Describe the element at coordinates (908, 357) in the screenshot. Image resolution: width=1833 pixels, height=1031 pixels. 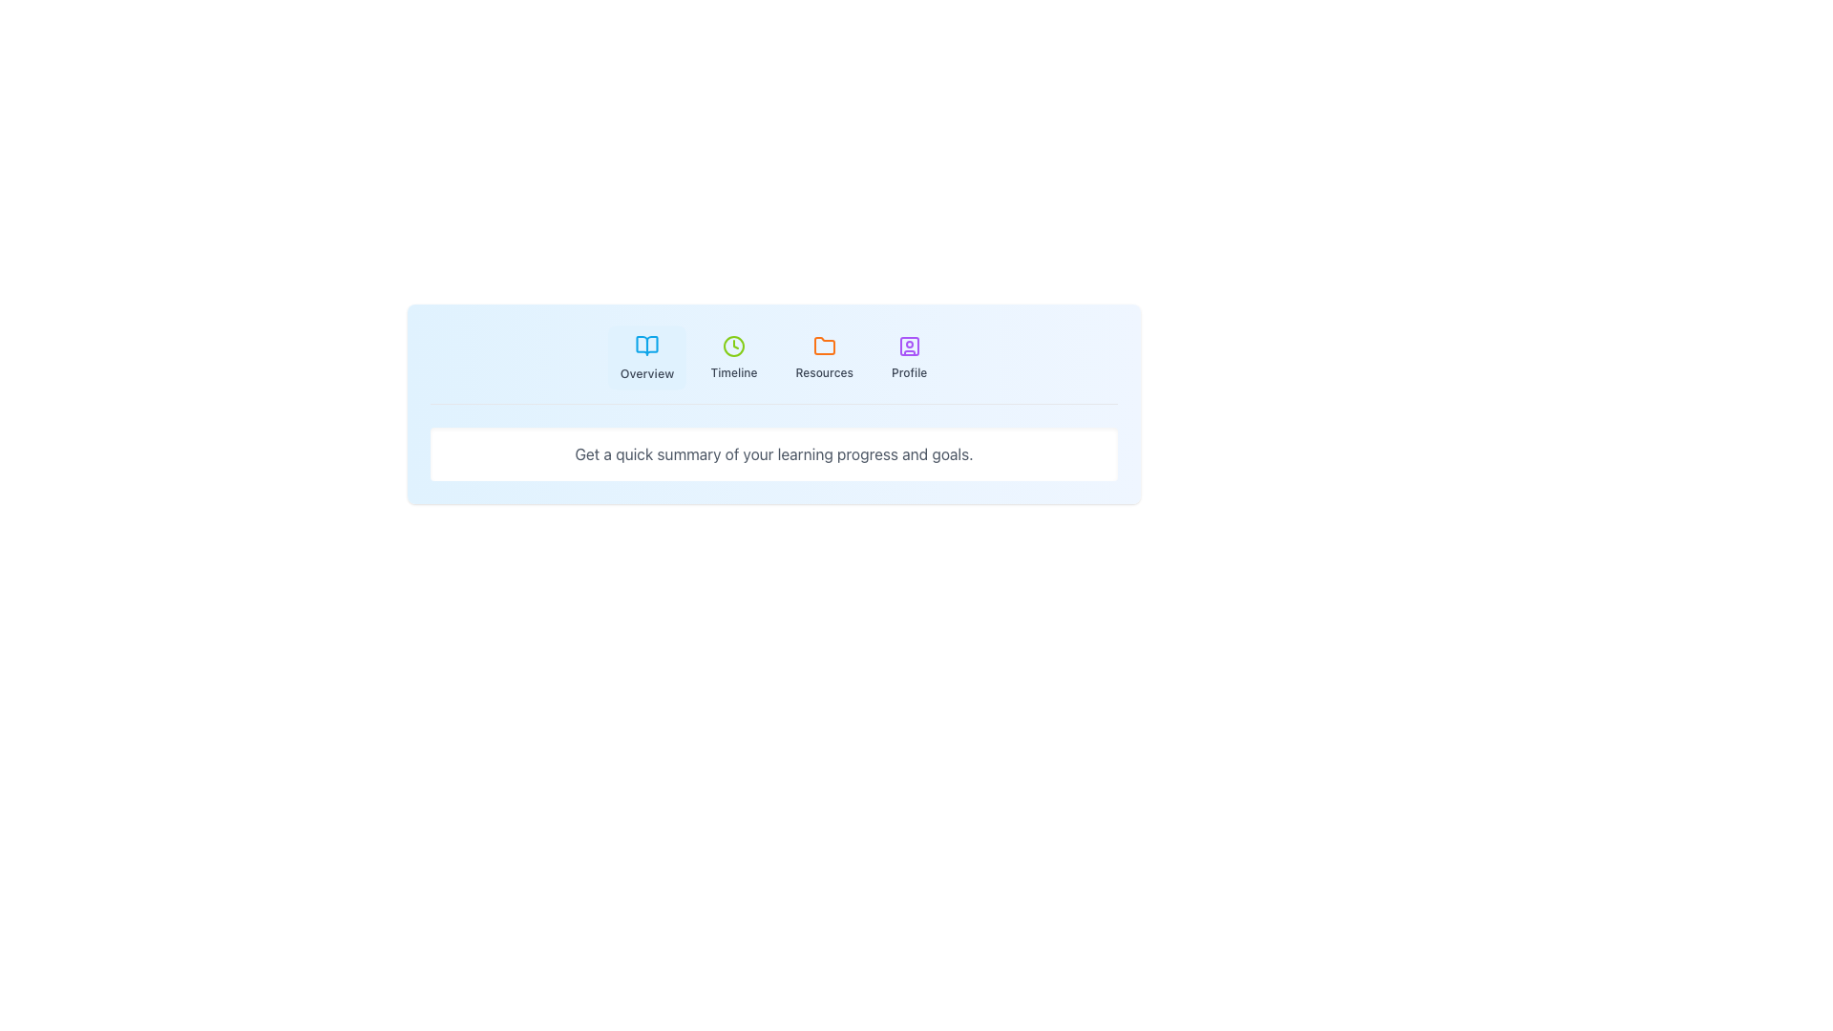
I see `the navigation button that leads to the Profile page` at that location.